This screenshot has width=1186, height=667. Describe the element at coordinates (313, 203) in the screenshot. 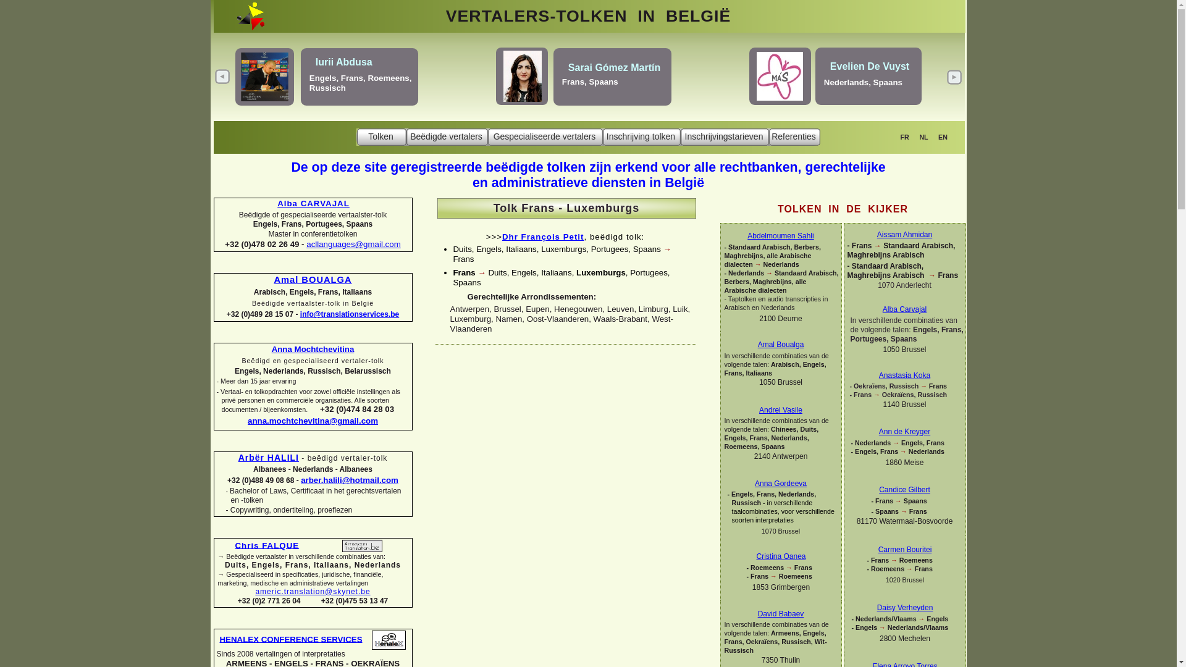

I see `'Alba CARVAJAL'` at that location.